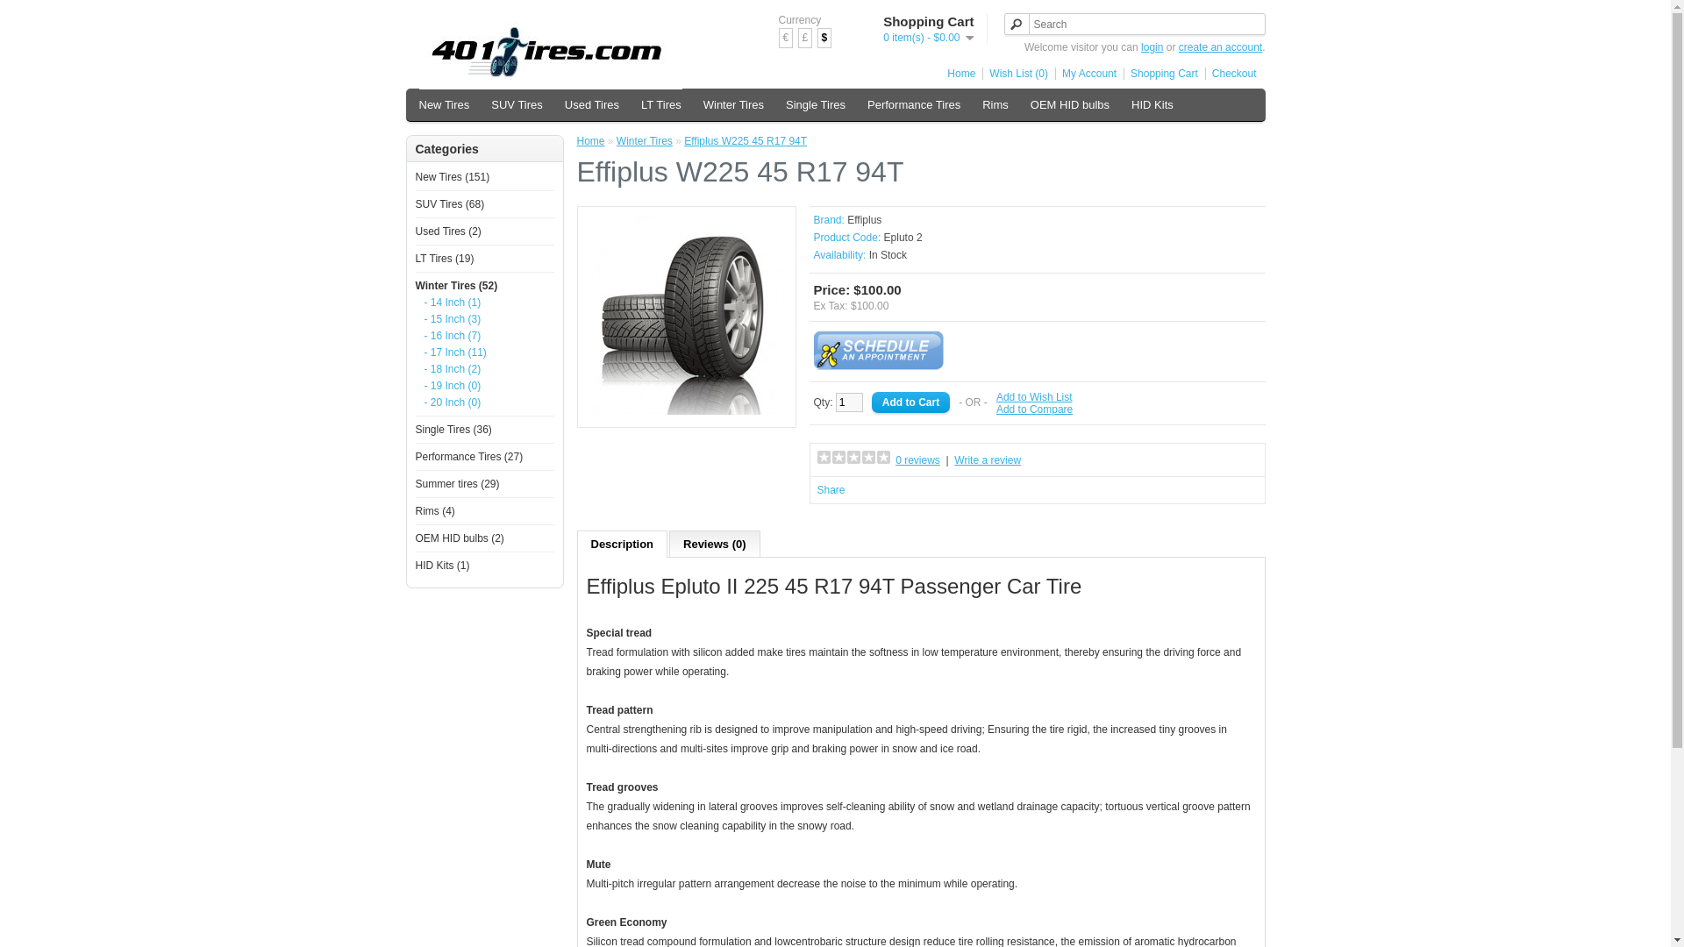 This screenshot has width=1684, height=947. Describe the element at coordinates (445, 258) in the screenshot. I see `'LT Tires (19)'` at that location.